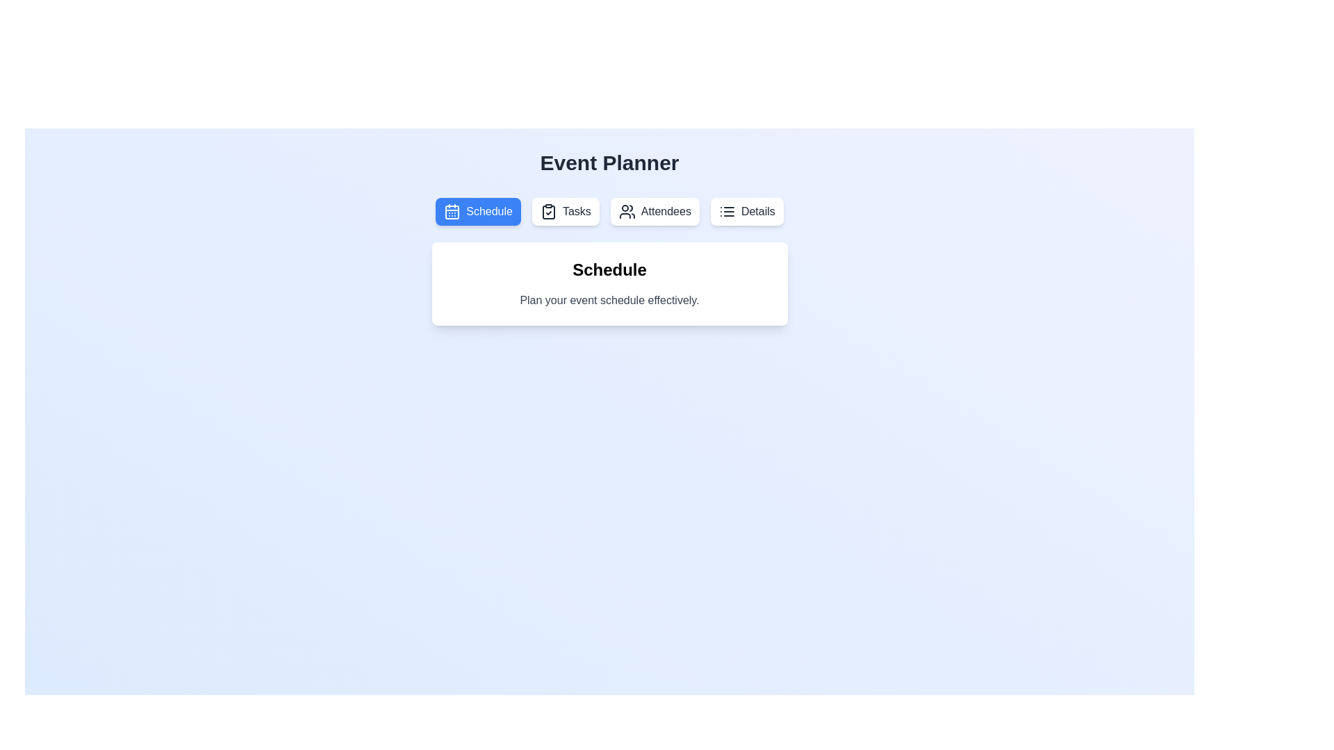 The image size is (1334, 750). I want to click on the tab button labeled 'Details' to switch to the respective tab, so click(746, 211).